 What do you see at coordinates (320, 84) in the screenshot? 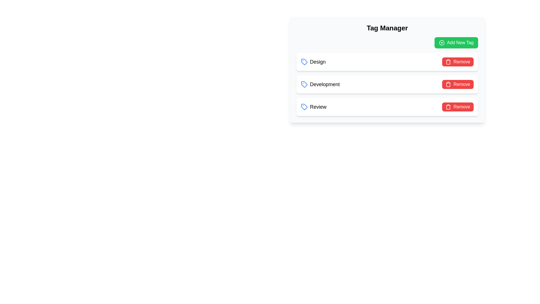
I see `the 'Development' tag label, which is the middle element in a vertical stack of three tags in the tag manager interface` at bounding box center [320, 84].